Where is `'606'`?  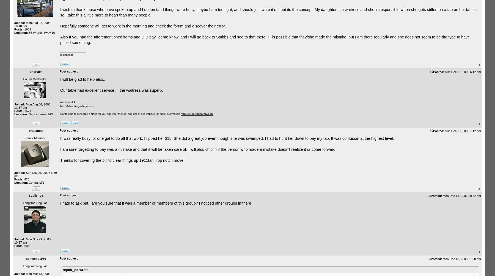 '606' is located at coordinates (26, 245).